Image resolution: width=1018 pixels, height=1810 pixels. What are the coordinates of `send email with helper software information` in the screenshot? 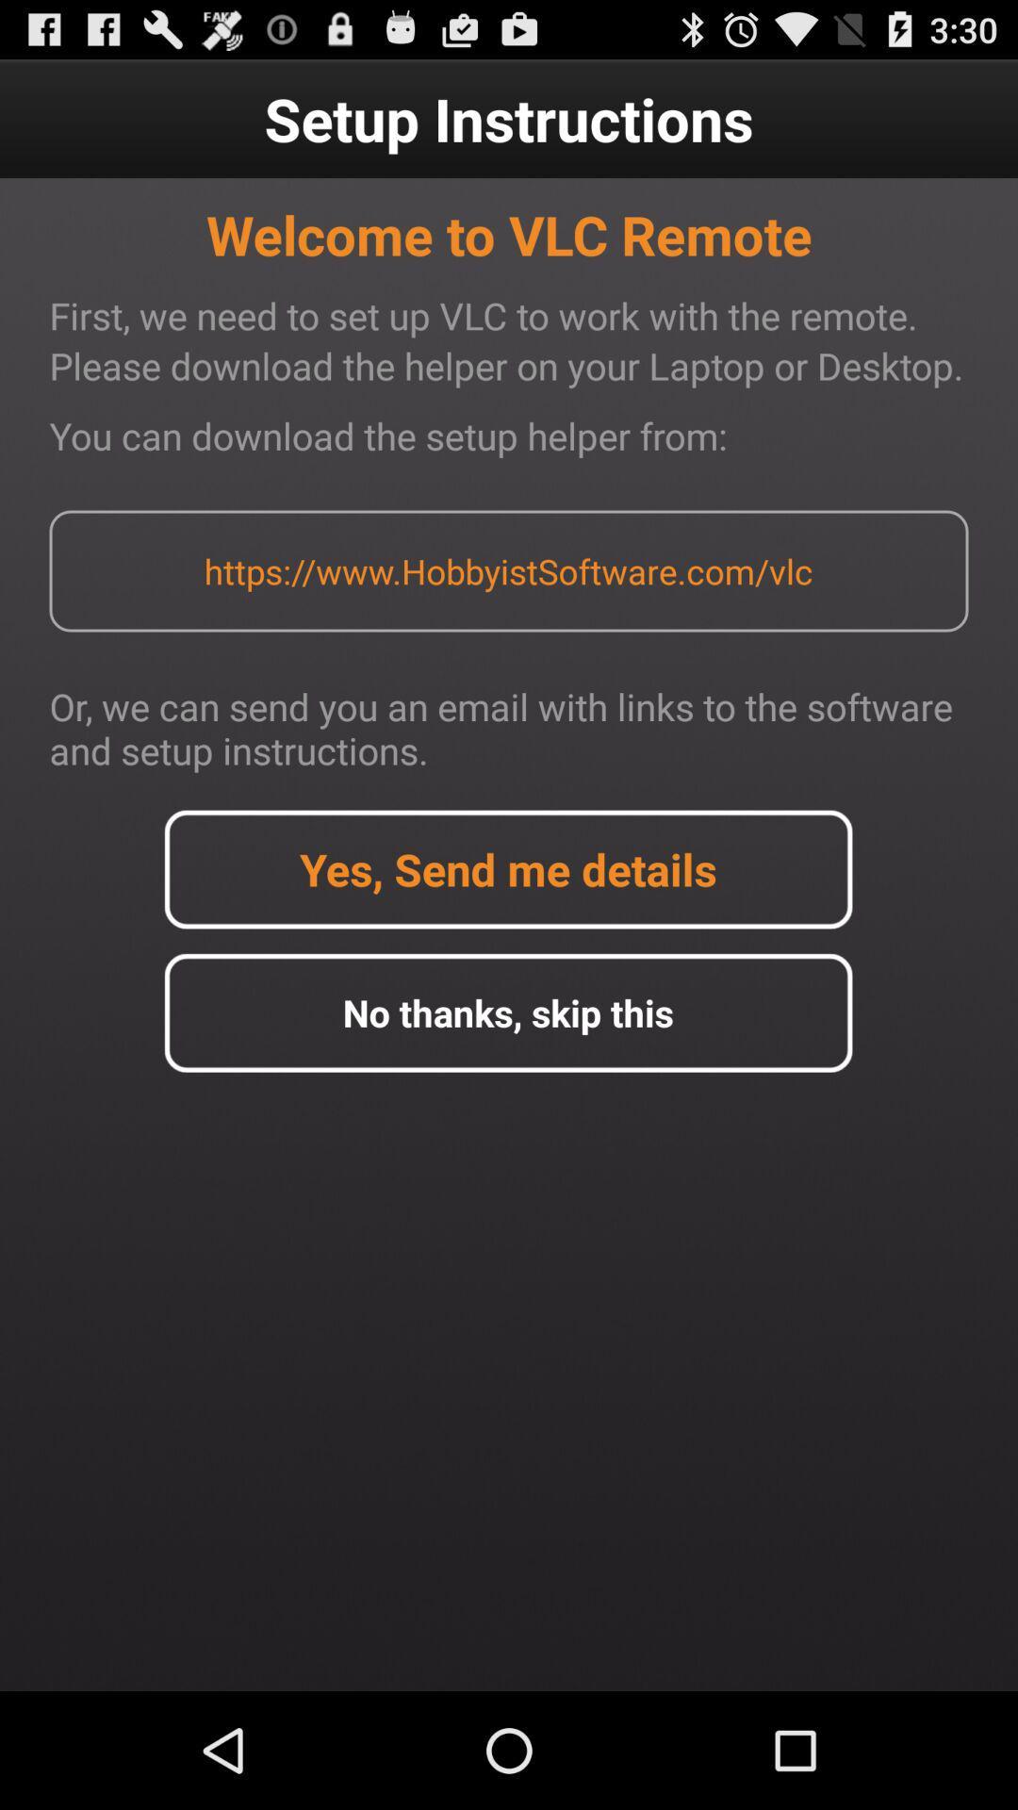 It's located at (507, 868).